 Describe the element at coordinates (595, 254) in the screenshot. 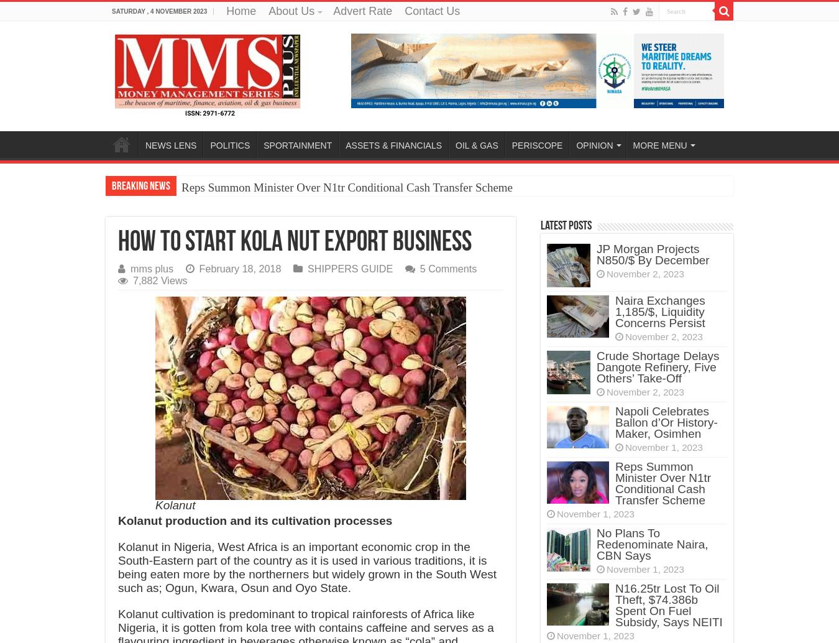

I see `'JP Morgan Projects N850/$ By December'` at that location.